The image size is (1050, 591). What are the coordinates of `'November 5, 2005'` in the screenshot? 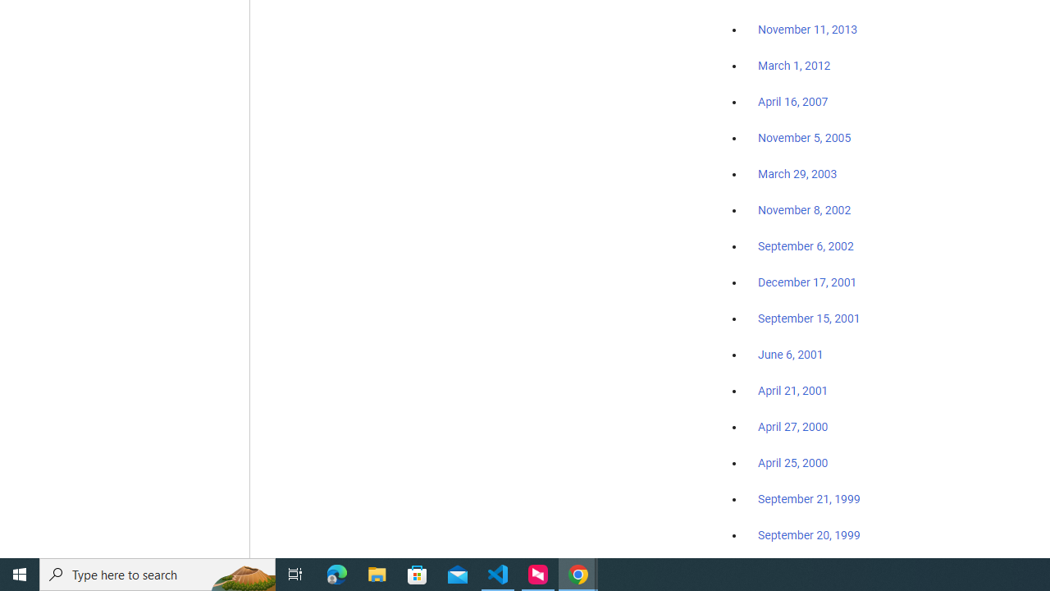 It's located at (805, 137).